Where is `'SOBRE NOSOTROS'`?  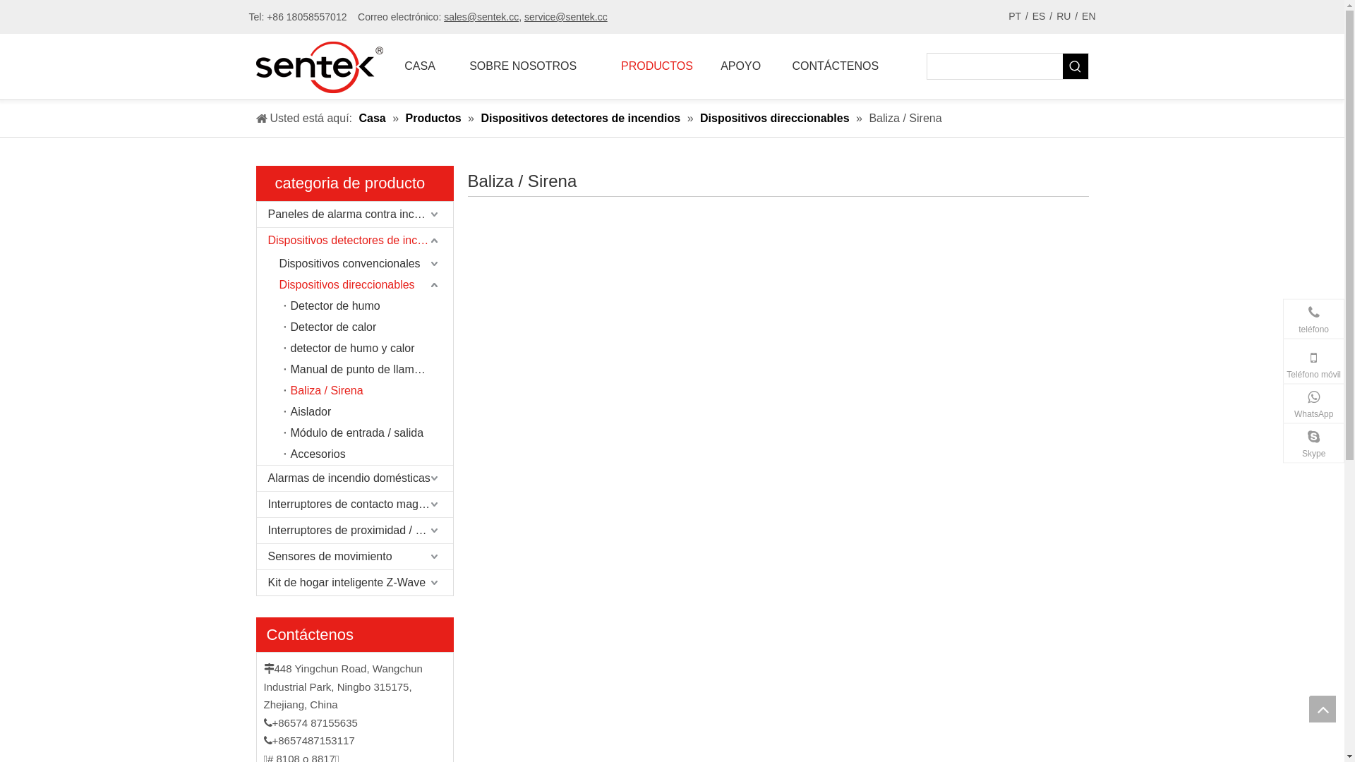
'SOBRE NOSOTROS' is located at coordinates (442, 66).